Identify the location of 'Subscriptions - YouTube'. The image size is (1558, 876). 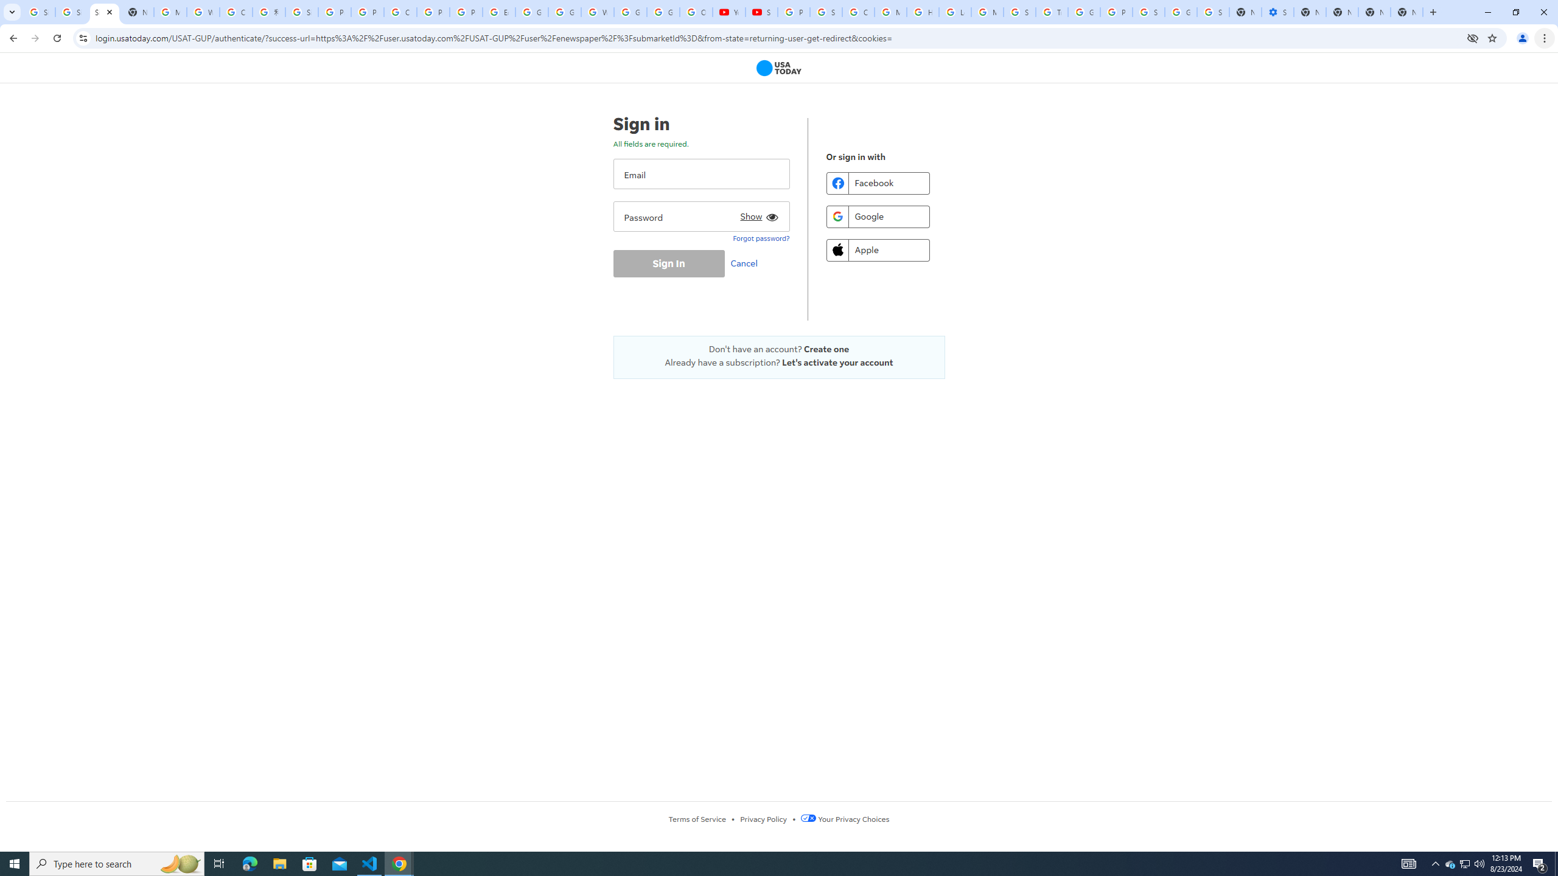
(761, 12).